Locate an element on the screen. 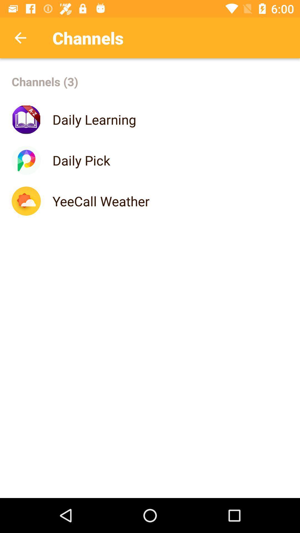 Image resolution: width=300 pixels, height=533 pixels. icon next to the channels is located at coordinates (20, 37).